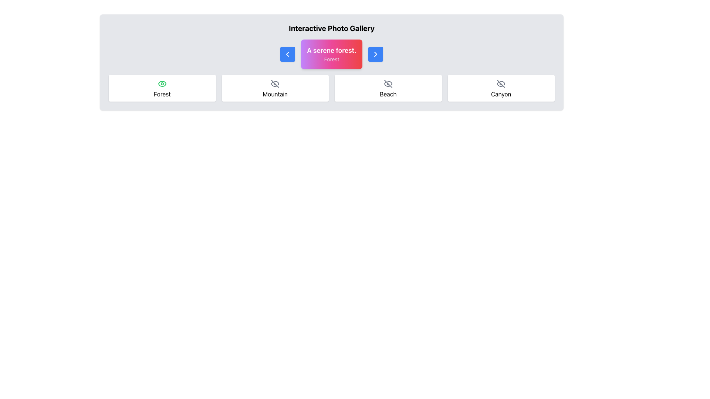 This screenshot has height=399, width=710. Describe the element at coordinates (375, 54) in the screenshot. I see `the rightward-pointing chevron arrow within the light blue square button to proceed in the interactive photo gallery interface` at that location.